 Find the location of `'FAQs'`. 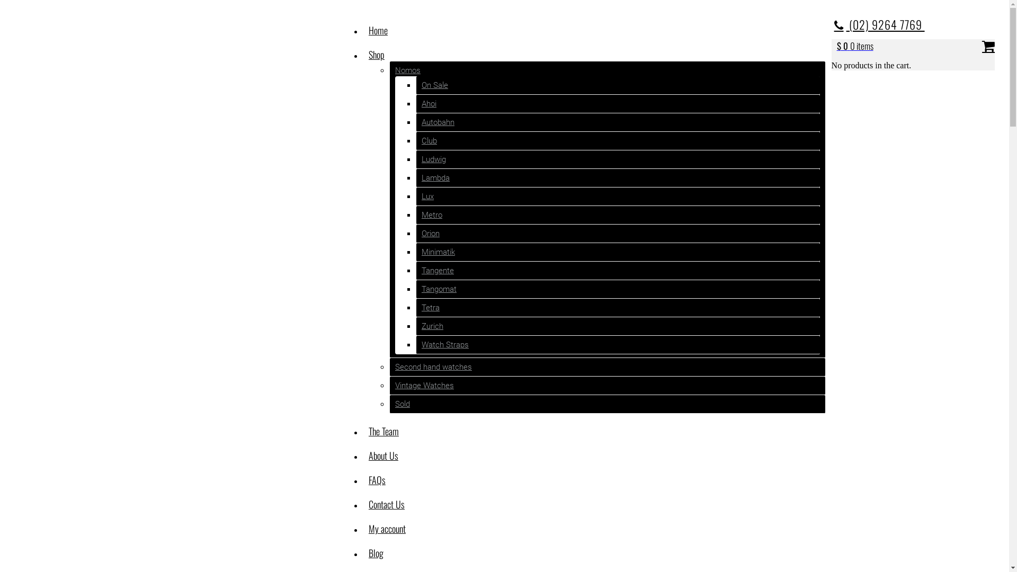

'FAQs' is located at coordinates (377, 480).